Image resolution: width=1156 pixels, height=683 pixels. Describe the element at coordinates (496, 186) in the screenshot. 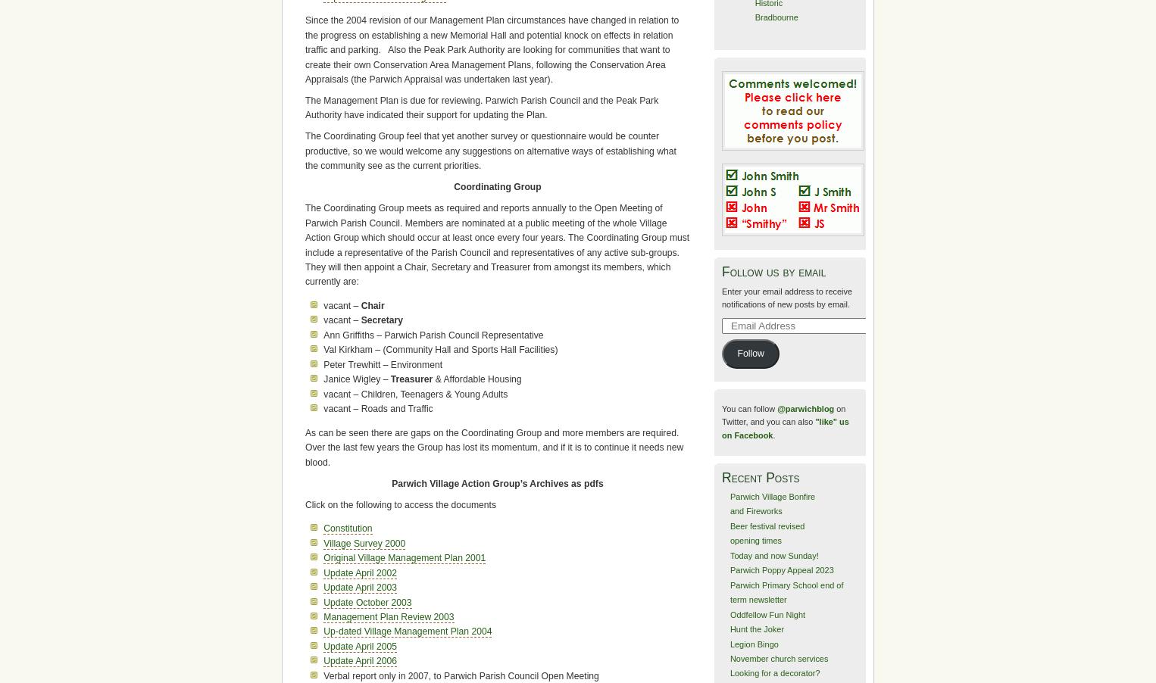

I see `'Coordinating Group'` at that location.